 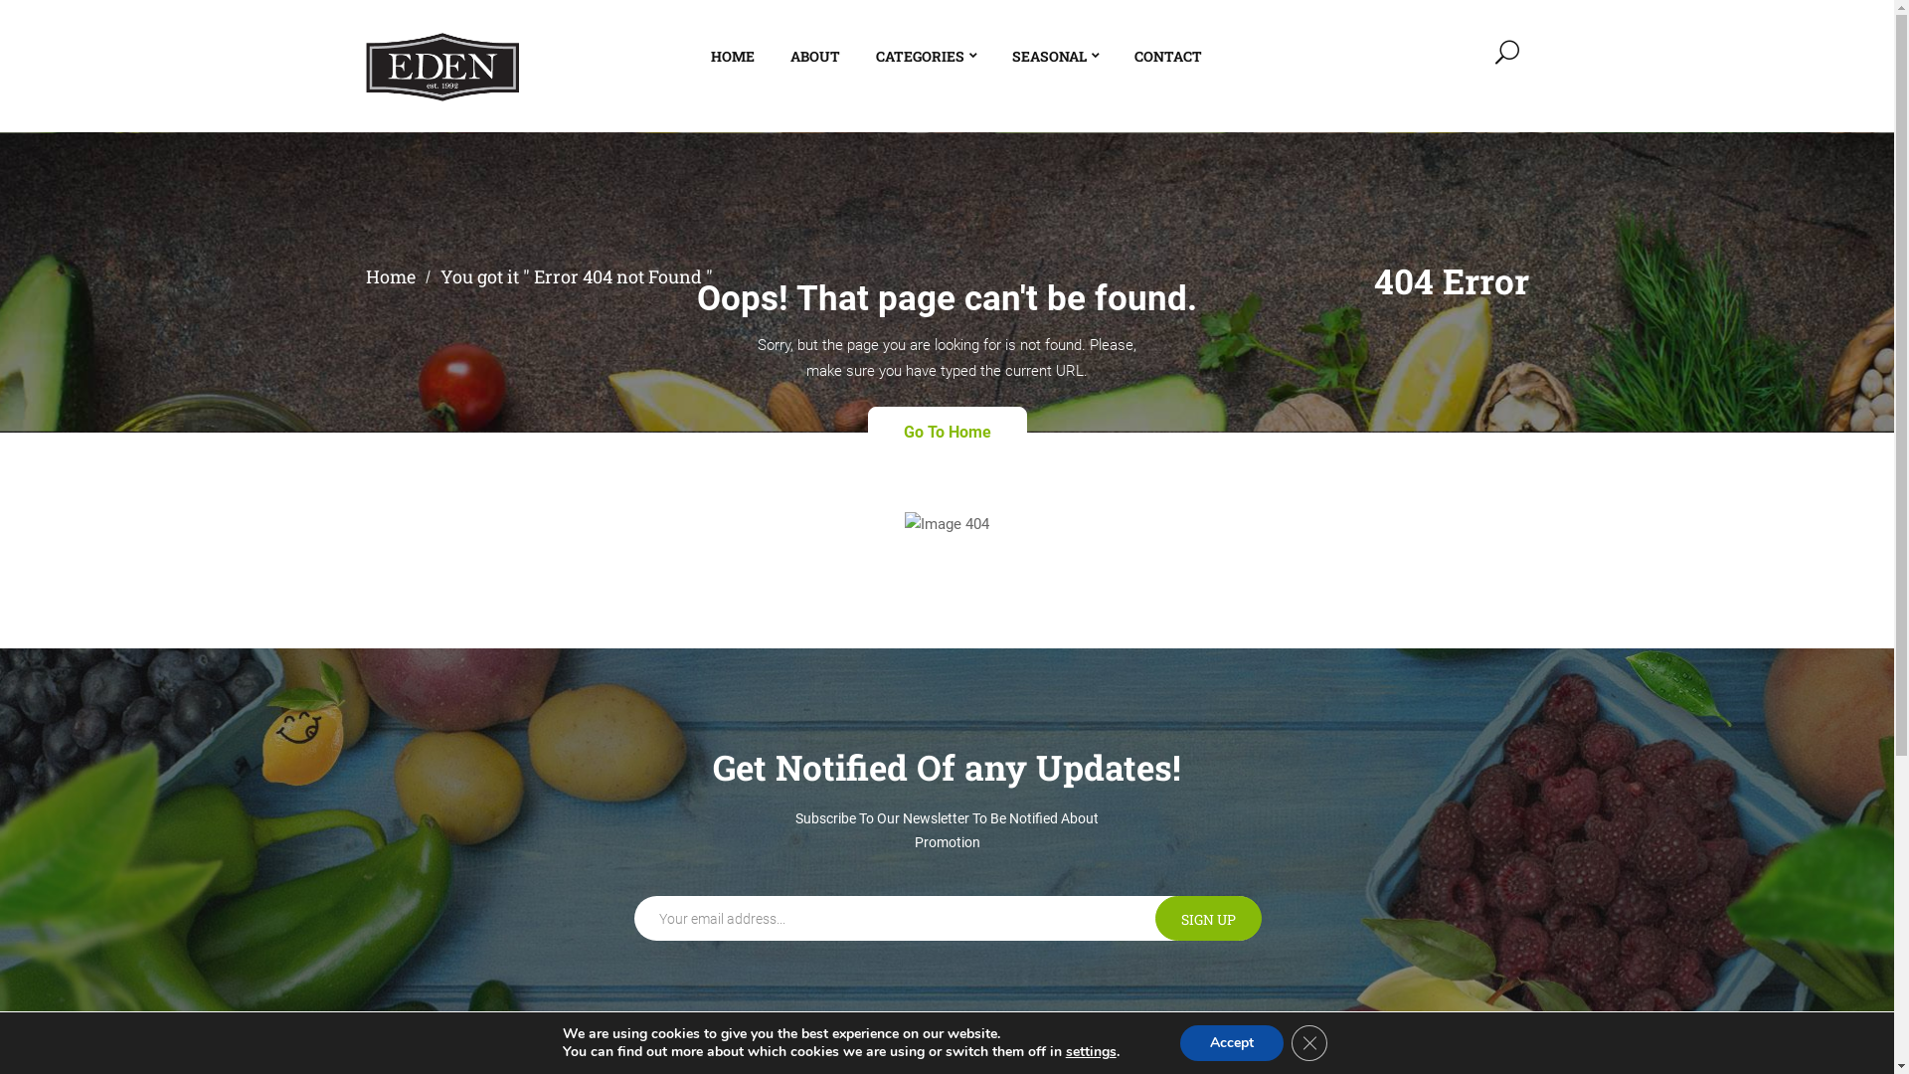 What do you see at coordinates (945, 431) in the screenshot?
I see `'Go To Home'` at bounding box center [945, 431].